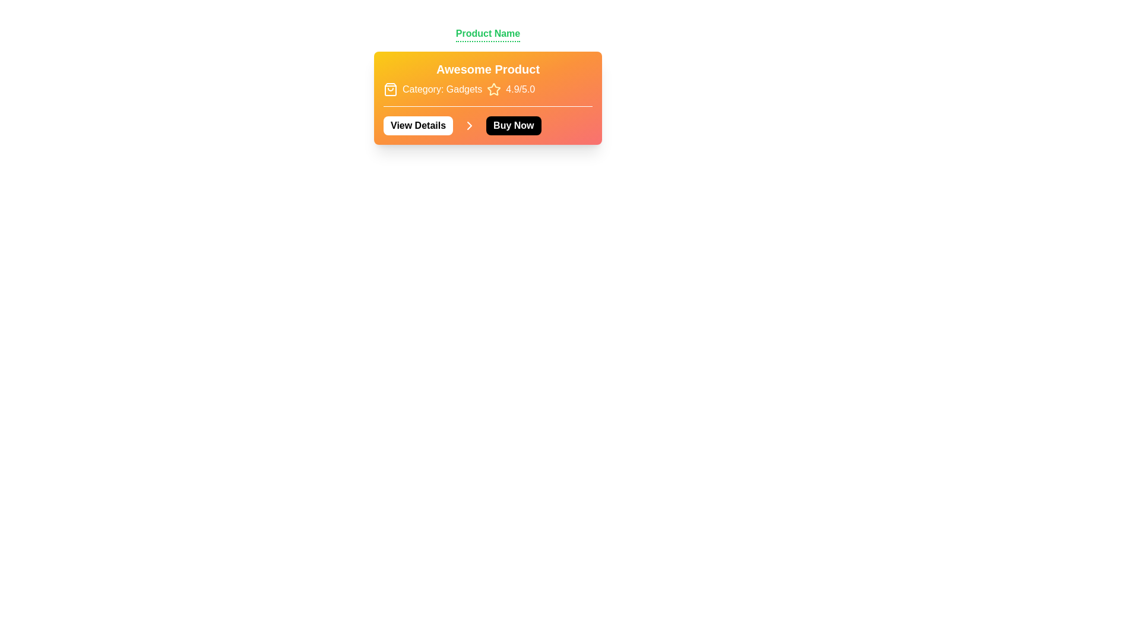 The image size is (1140, 641). What do you see at coordinates (520, 88) in the screenshot?
I see `the text label displaying the product rating, located to the right of the star icon and following the 'Category: Gadgets' text section` at bounding box center [520, 88].